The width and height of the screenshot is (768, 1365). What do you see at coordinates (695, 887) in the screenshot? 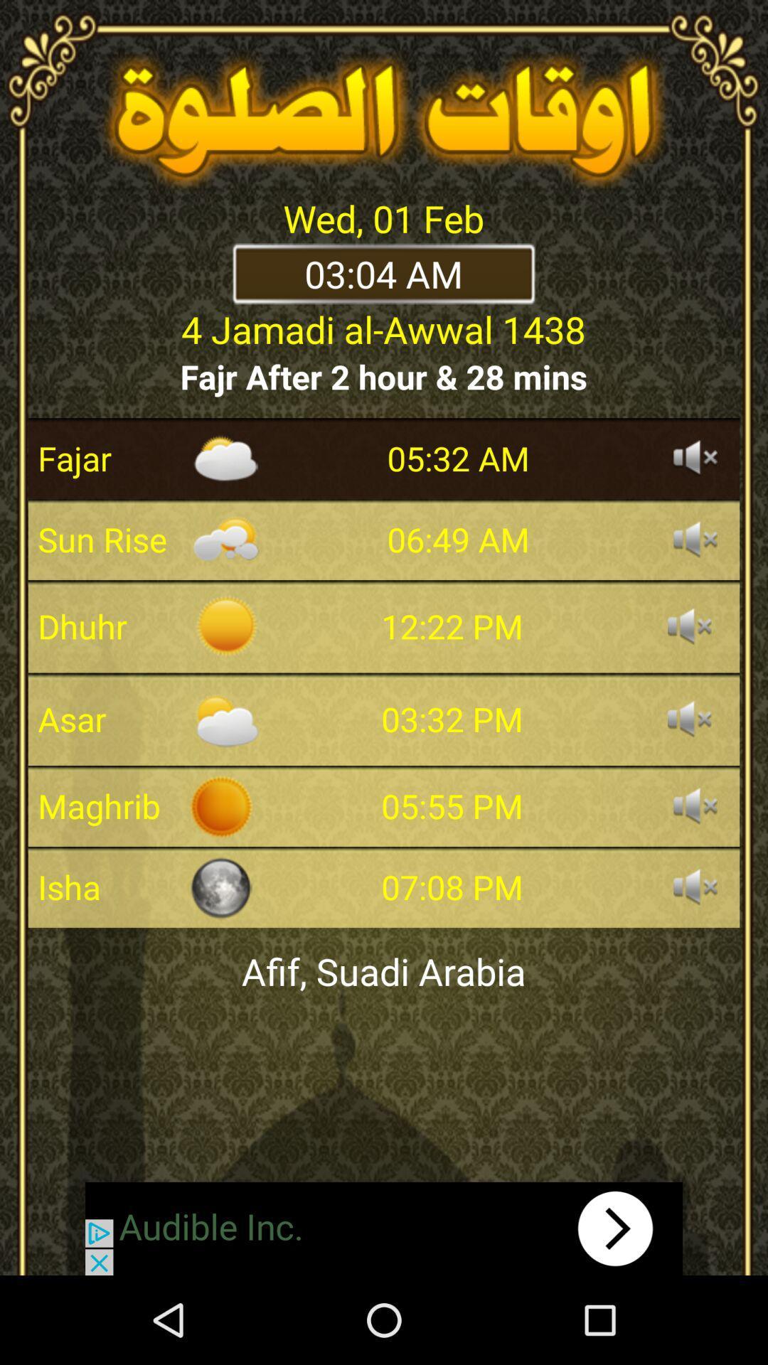
I see `mute` at bounding box center [695, 887].